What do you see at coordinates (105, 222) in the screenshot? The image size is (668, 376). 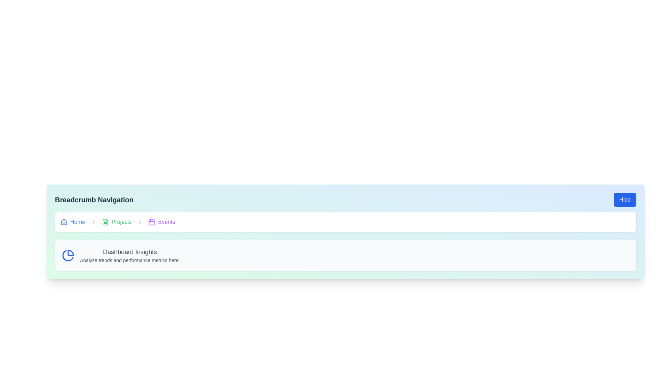 I see `the file or document icon located in the breadcrumb navigation next to the 'Projects' label` at bounding box center [105, 222].